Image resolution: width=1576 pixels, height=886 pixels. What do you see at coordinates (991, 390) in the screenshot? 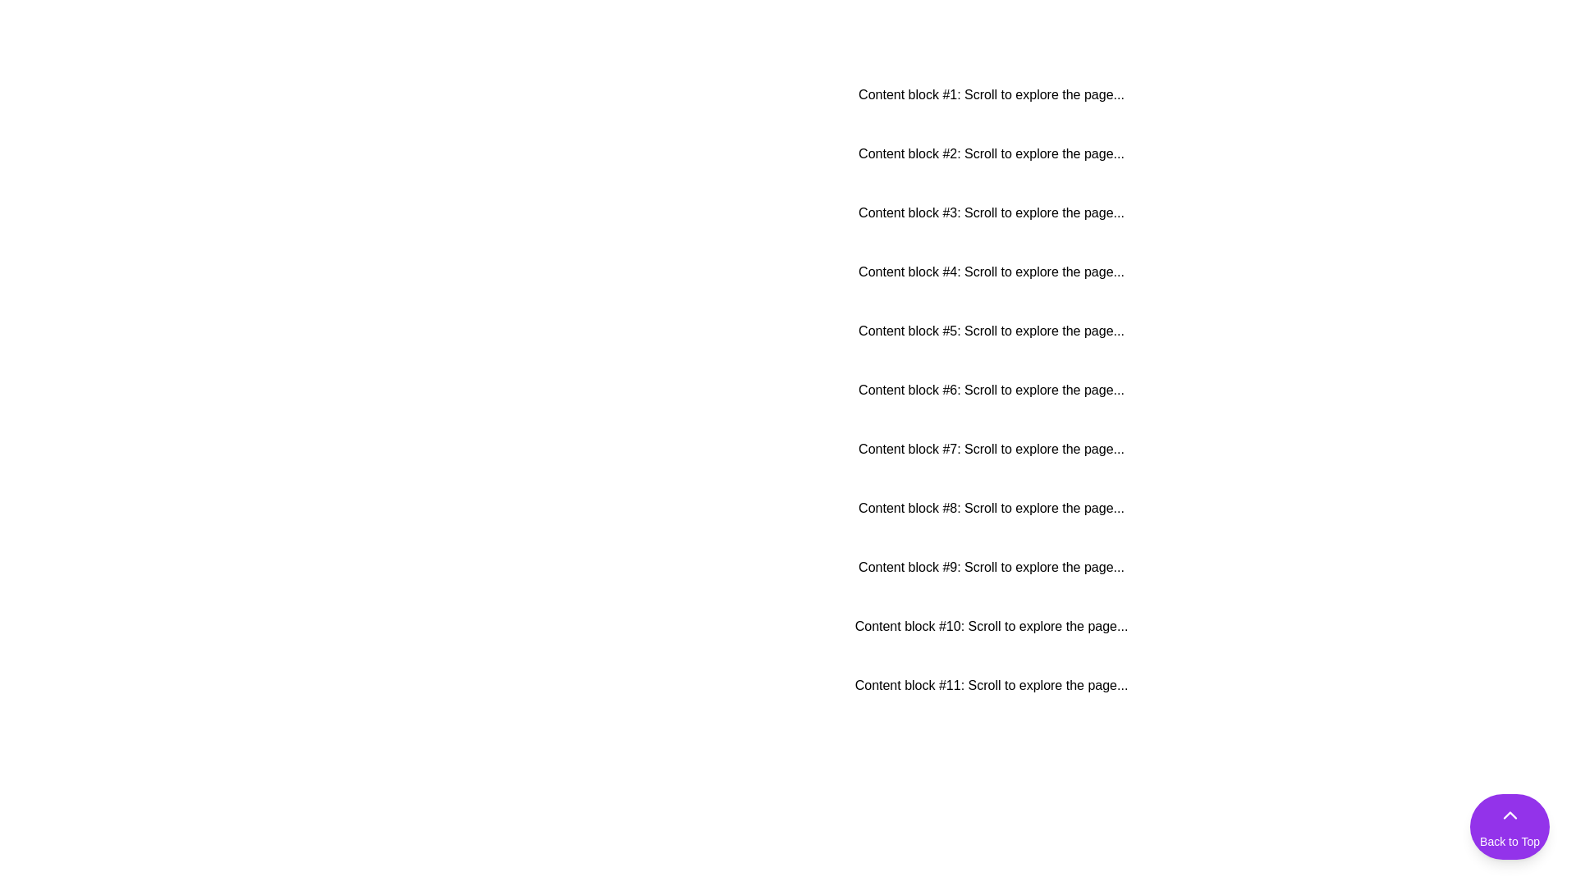
I see `the text label indicating the 6th position in the sequence, which prompts the user to scroll further` at bounding box center [991, 390].